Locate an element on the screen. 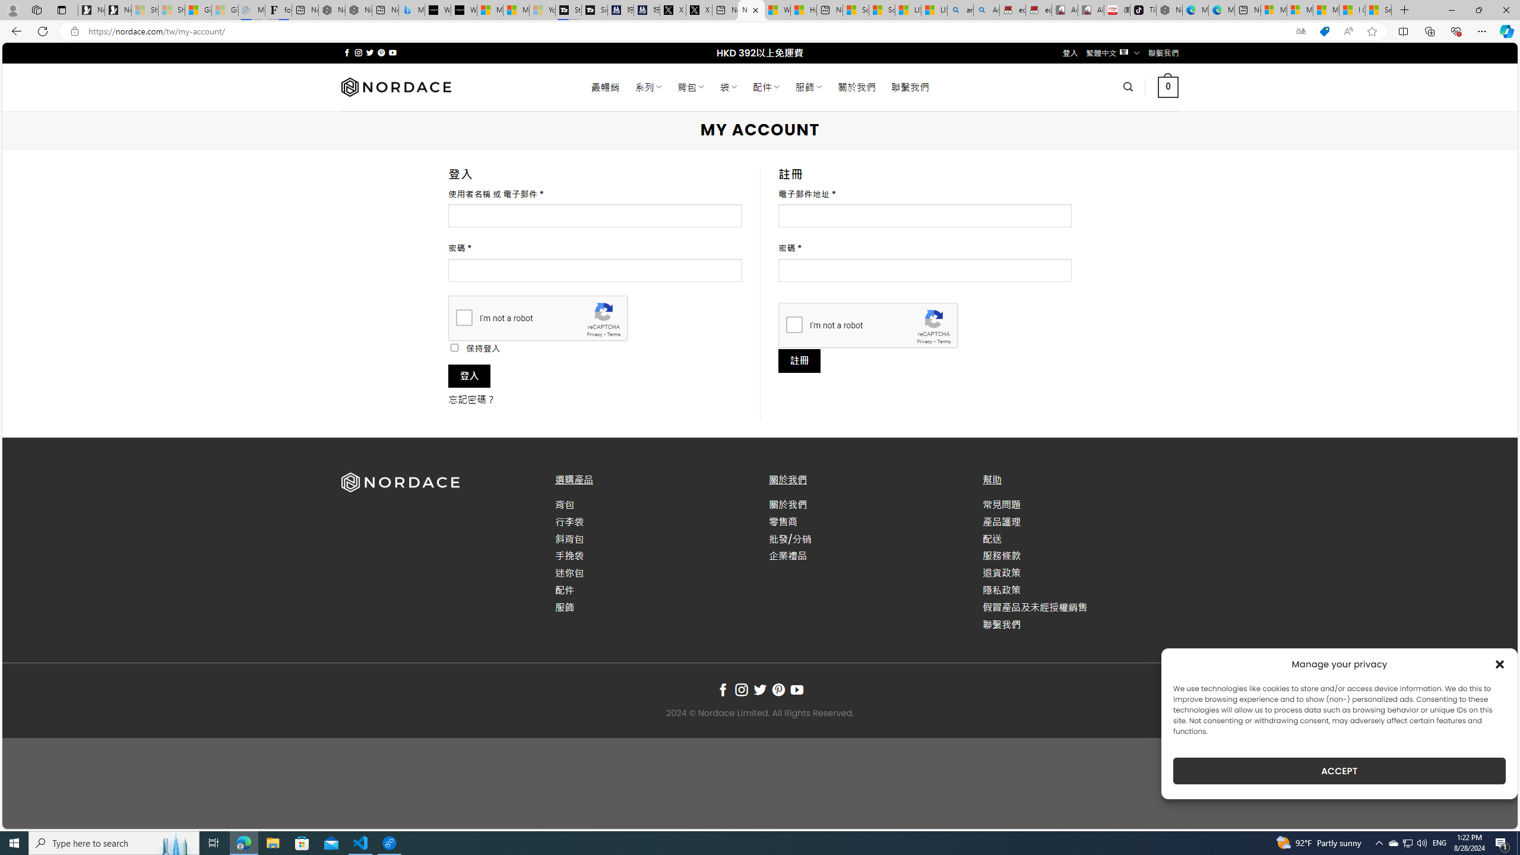  'Amazon Echo Dot PNG - Search Images' is located at coordinates (986, 9).